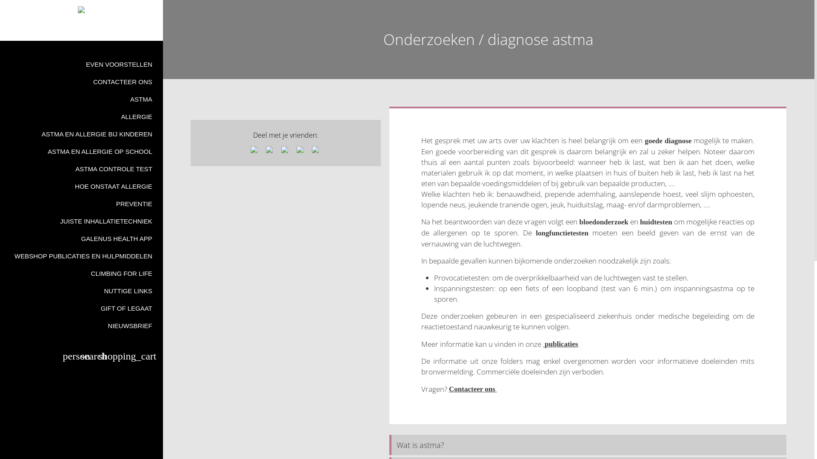 This screenshot has width=817, height=459. I want to click on 'WEBSHOP PUBLICATIES EN HULPMIDDELEN', so click(81, 255).